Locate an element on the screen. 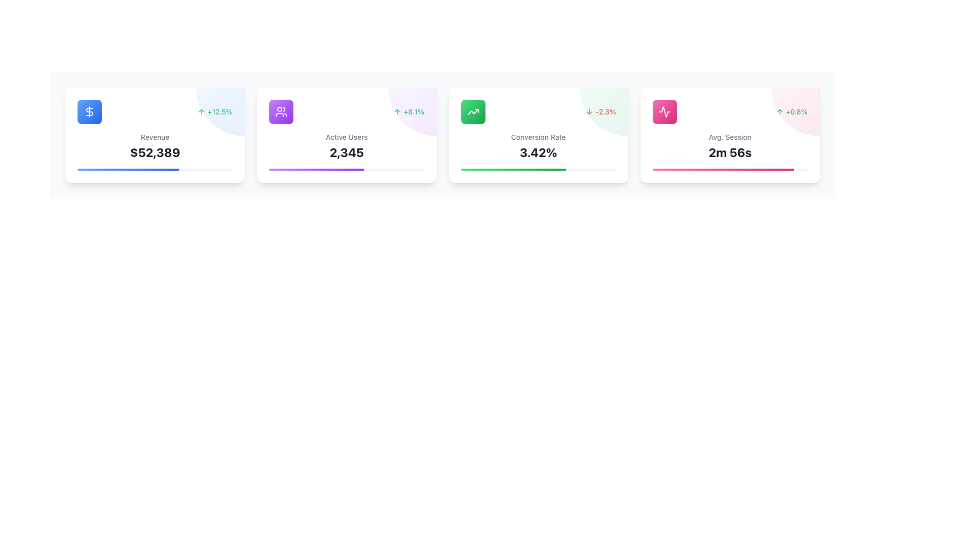  the upward trend icon in the header of the 'Conversion Rate' card, which is located in the top-left section of the third card from the left is located at coordinates (472, 111).